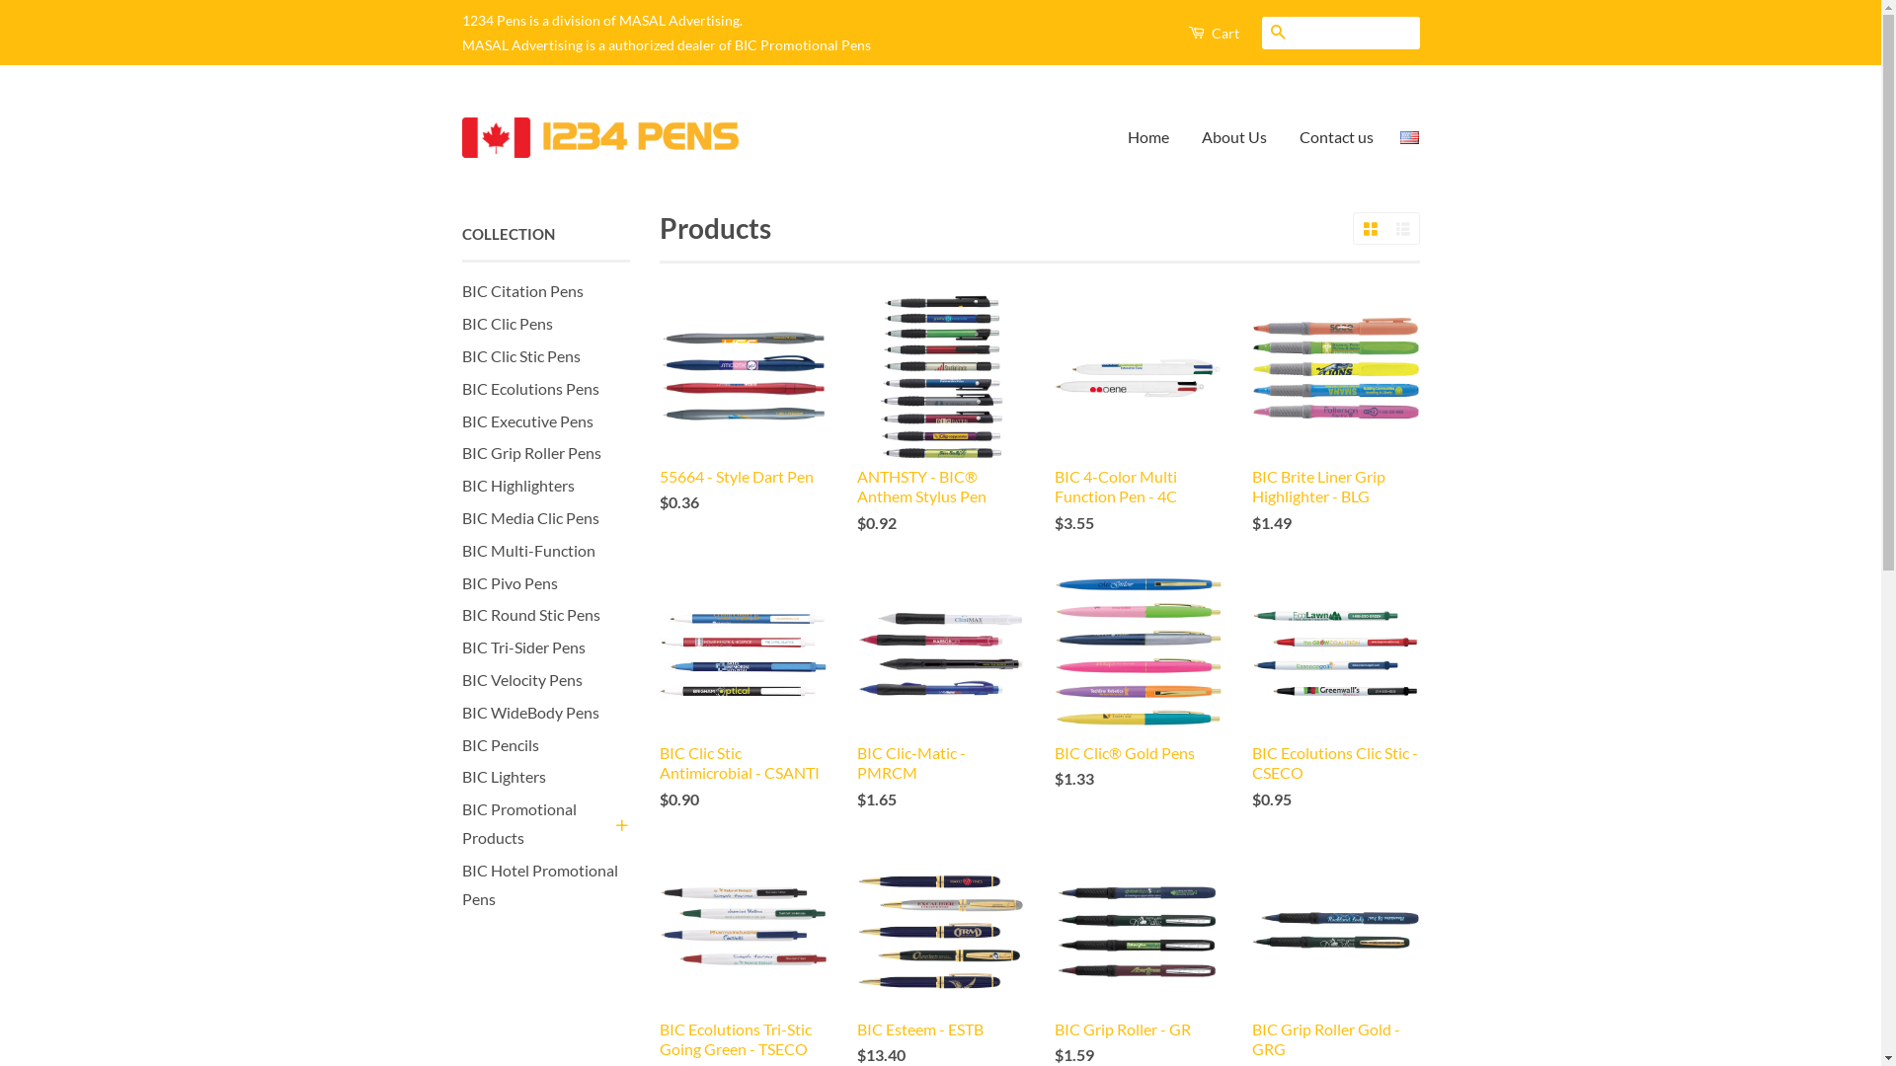 Image resolution: width=1896 pixels, height=1066 pixels. I want to click on 'BIC Pencils', so click(501, 744).